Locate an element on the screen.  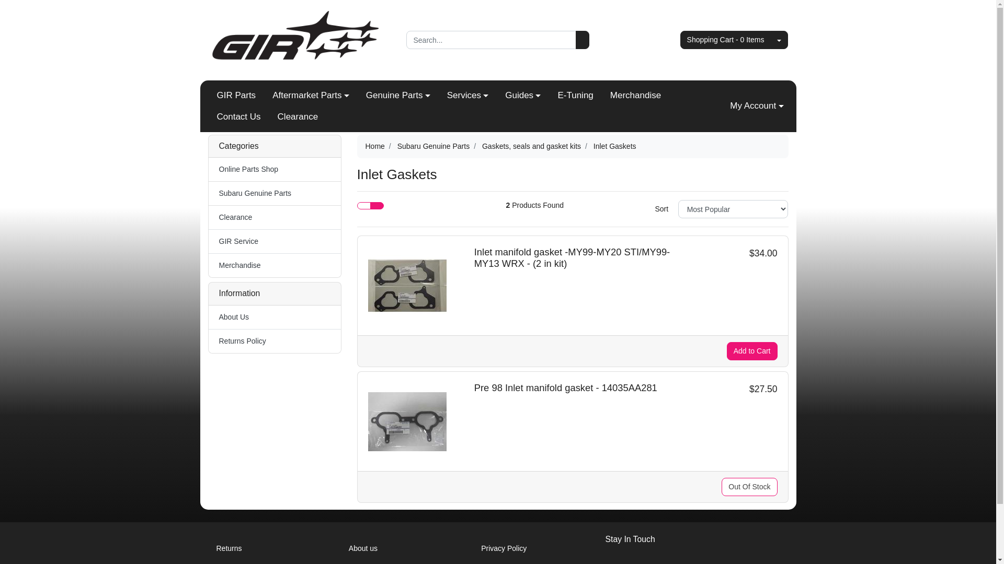
'Privacy Policy' is located at coordinates (472, 548).